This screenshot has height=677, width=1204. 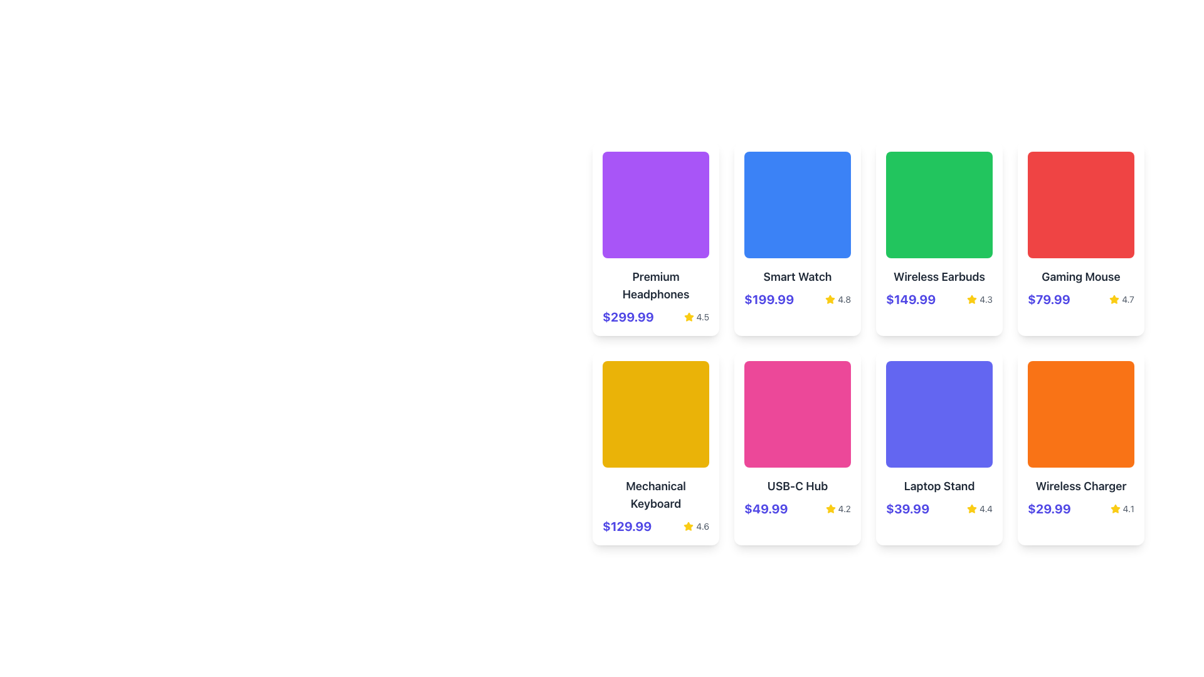 What do you see at coordinates (655, 447) in the screenshot?
I see `the product display card for the mechanical keyboard located in the second row, first column of the grid layout` at bounding box center [655, 447].